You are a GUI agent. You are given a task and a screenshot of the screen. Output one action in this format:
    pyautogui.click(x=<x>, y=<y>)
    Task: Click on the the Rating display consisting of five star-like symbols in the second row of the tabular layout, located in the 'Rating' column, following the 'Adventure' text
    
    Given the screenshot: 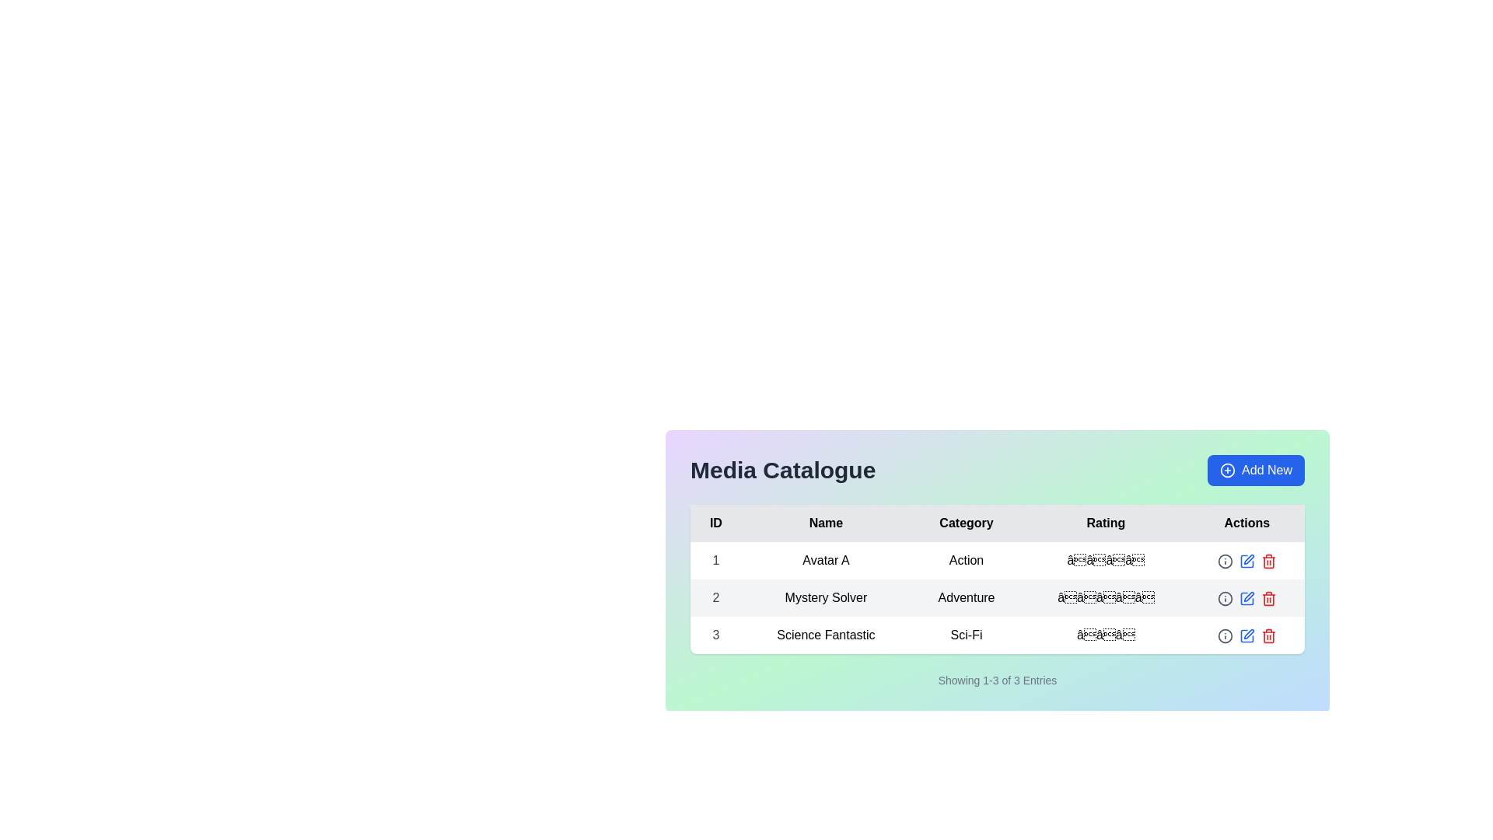 What is the action you would take?
    pyautogui.click(x=1105, y=597)
    